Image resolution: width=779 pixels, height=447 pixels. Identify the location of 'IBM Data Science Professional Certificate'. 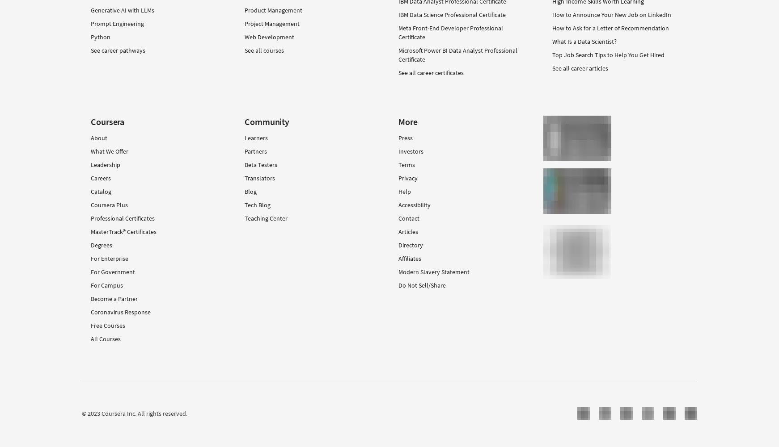
(452, 15).